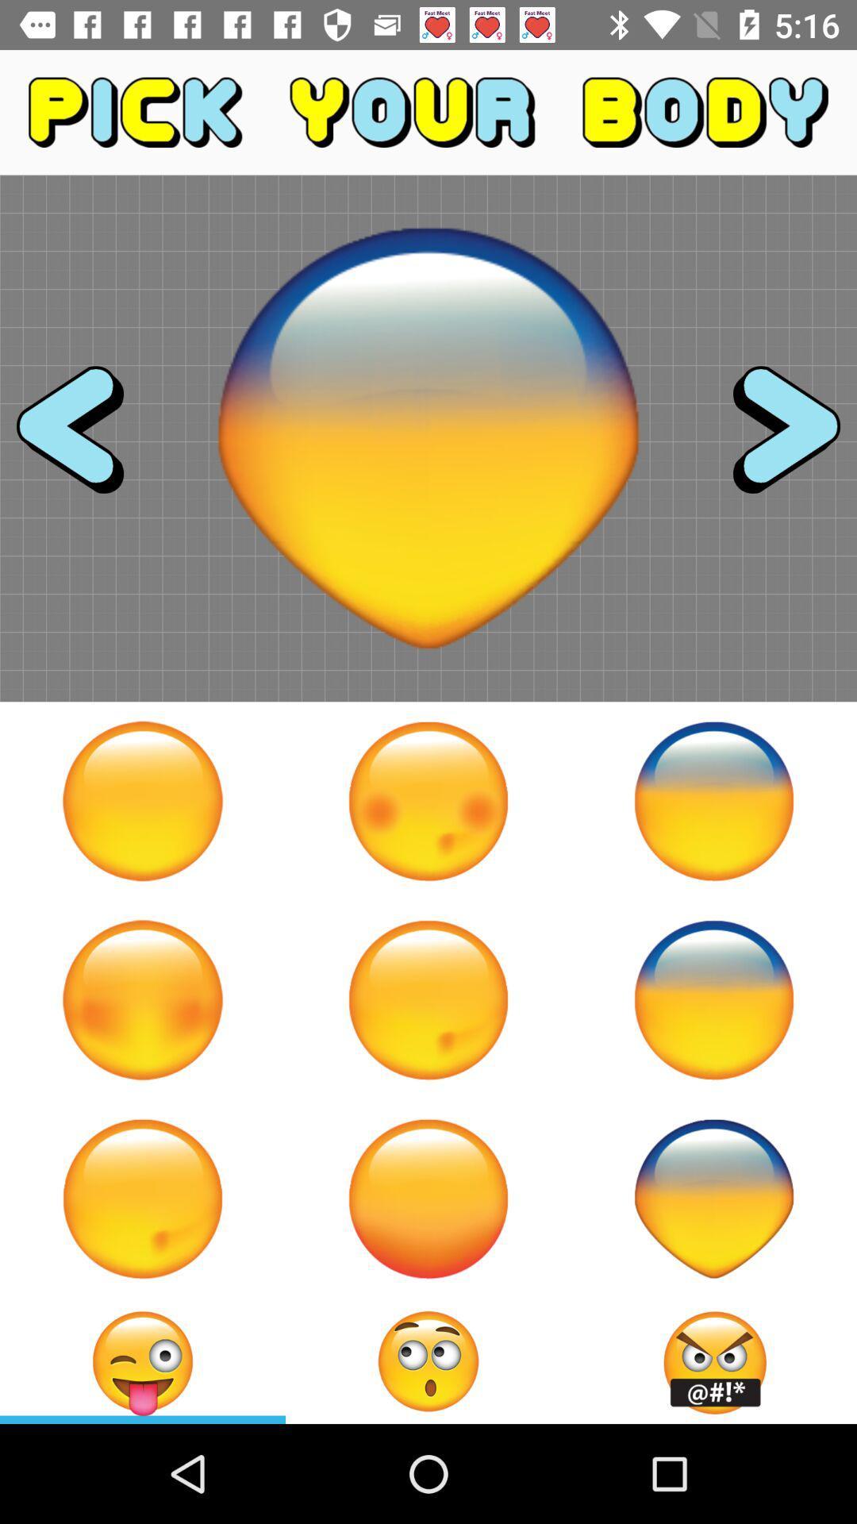 This screenshot has width=857, height=1524. What do you see at coordinates (771, 438) in the screenshot?
I see `choose selection for body parts to create a character` at bounding box center [771, 438].